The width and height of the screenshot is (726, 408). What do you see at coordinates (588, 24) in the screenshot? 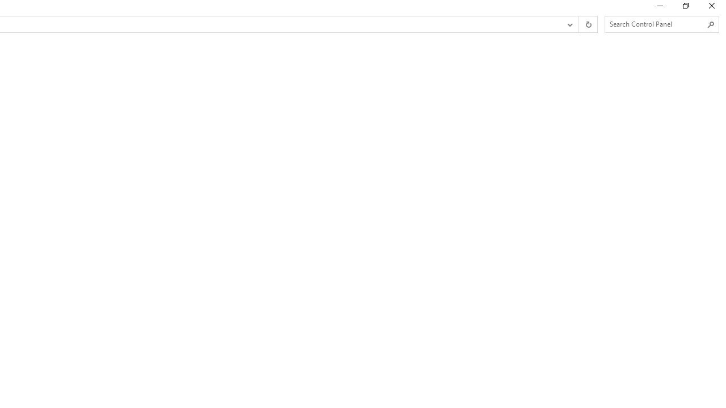
I see `'Refresh "Windows Defender Firewall" (F5)'` at bounding box center [588, 24].